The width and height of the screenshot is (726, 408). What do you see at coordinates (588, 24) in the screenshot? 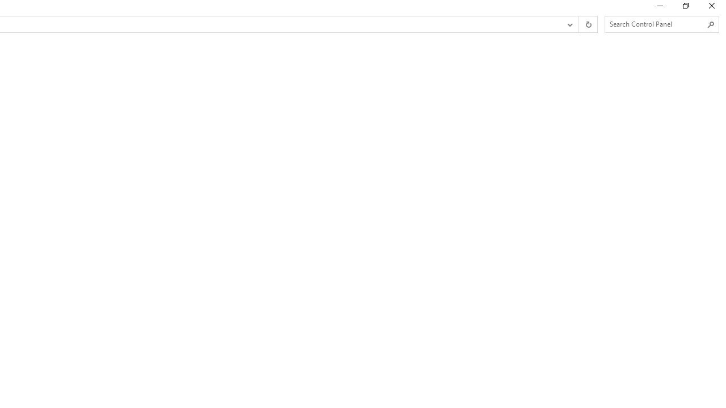
I see `'Refresh "Windows Defender Firewall" (F5)'` at bounding box center [588, 24].